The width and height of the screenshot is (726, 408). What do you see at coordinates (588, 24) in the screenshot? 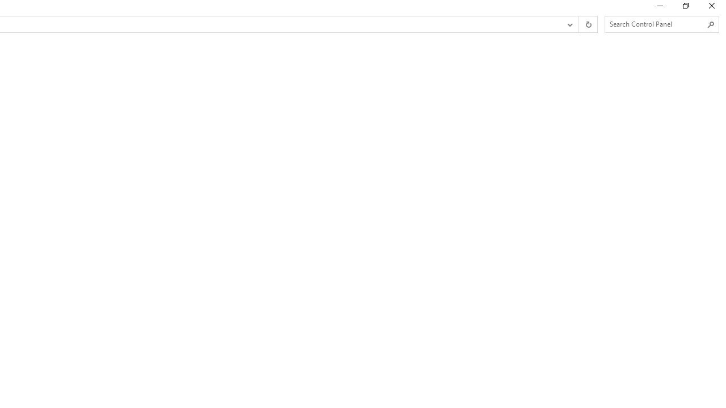
I see `'Refresh "Windows Defender Firewall" (F5)'` at bounding box center [588, 24].